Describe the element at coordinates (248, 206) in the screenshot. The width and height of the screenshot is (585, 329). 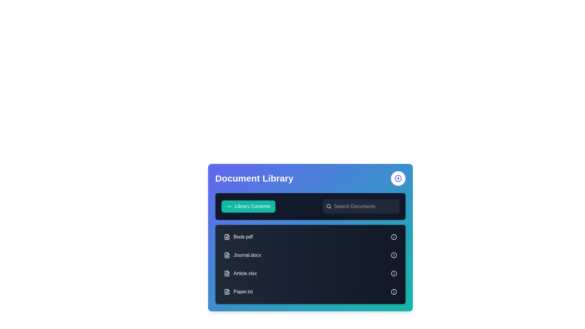
I see `the 'Library Contents' button with a teal background and upward-pointing chevron icon for additional options` at that location.